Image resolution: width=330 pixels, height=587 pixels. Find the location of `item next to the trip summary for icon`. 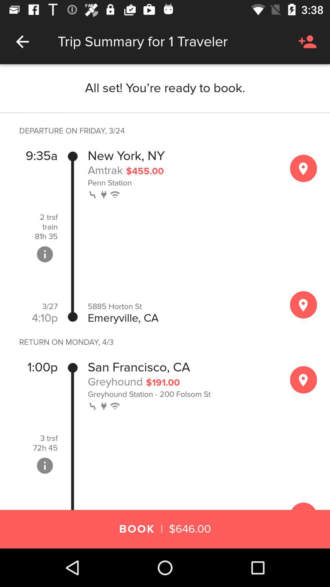

item next to the trip summary for icon is located at coordinates (22, 41).